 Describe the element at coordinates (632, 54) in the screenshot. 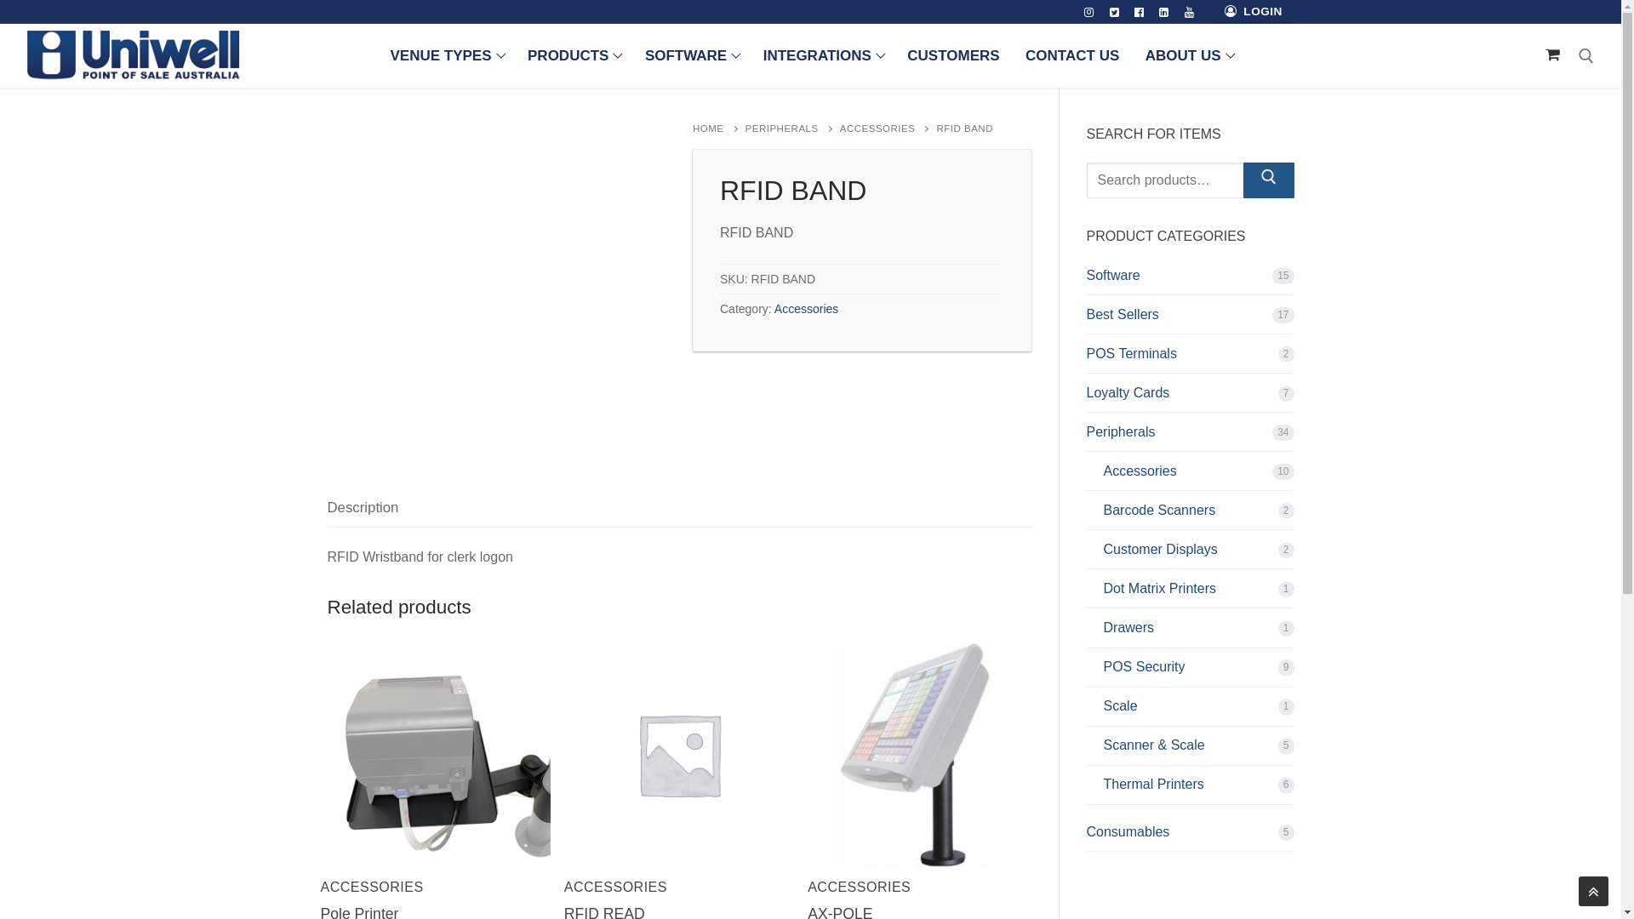

I see `'SOFTWARE` at that location.